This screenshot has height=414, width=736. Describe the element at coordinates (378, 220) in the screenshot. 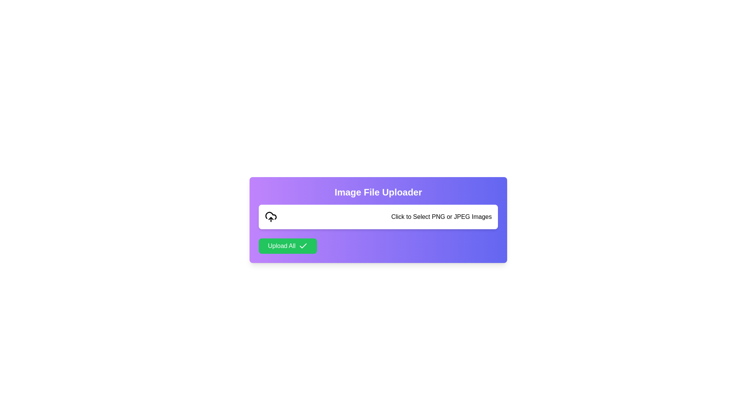

I see `files into the selectable area of the 'Image File Uploader' section, which is a large, horizontally rectangular section with a gradient background and white text at the top` at that location.